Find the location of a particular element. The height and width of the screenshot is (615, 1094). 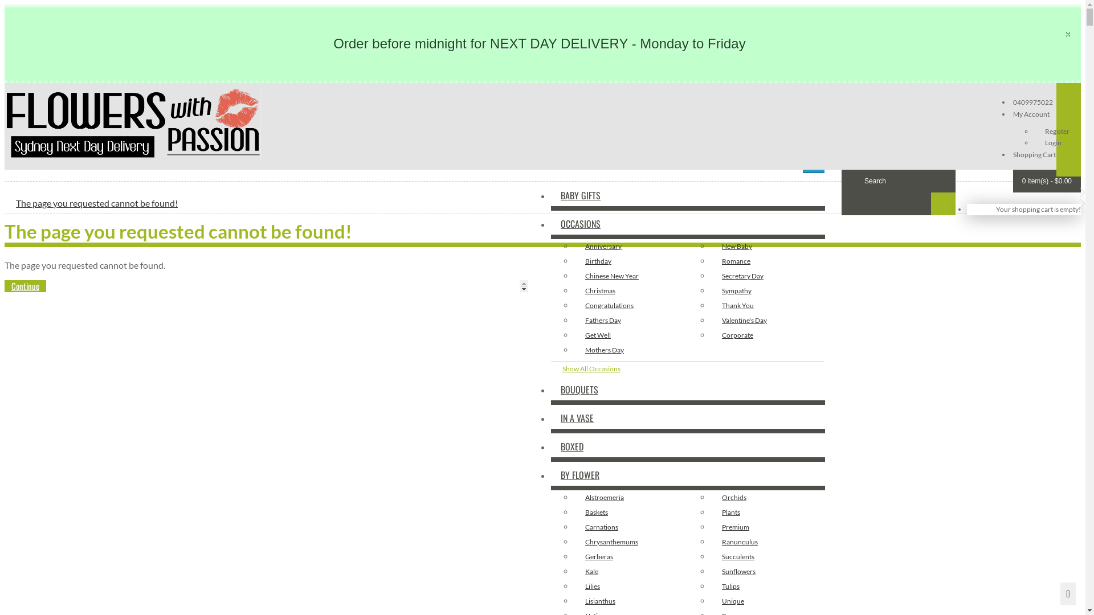

'Login' is located at coordinates (1052, 141).